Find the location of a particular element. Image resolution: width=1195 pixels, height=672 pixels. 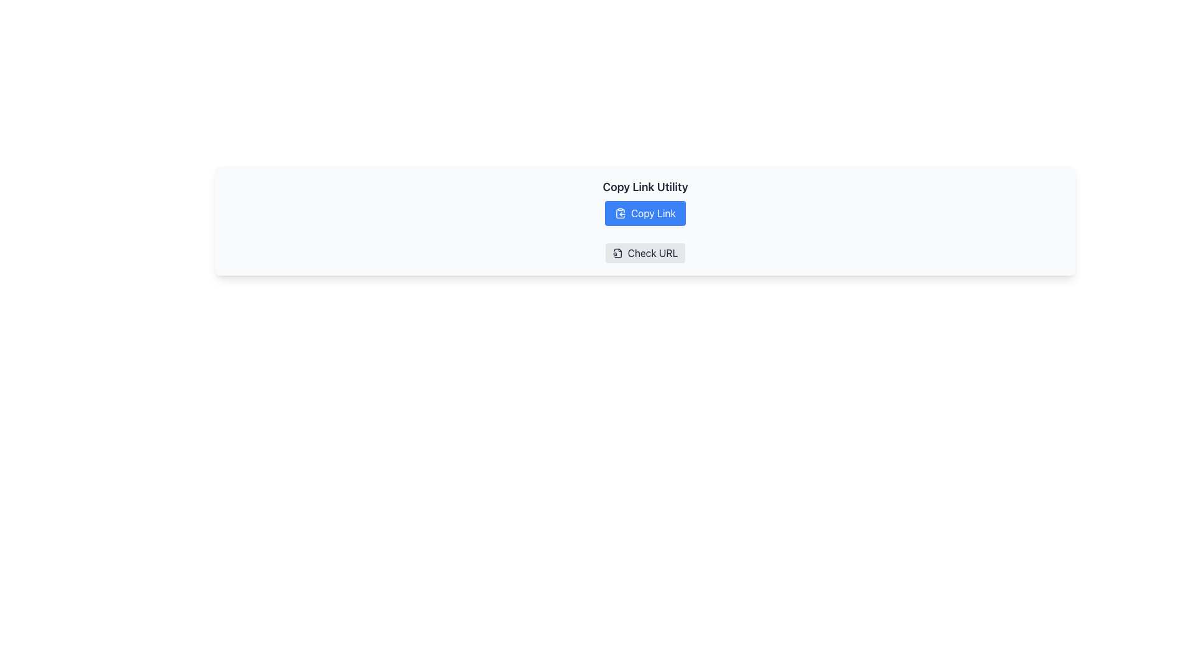

the clipboard icon located to the left of the 'Copy Link' button's label text in the top-middle portion of the interface is located at coordinates (621, 213).